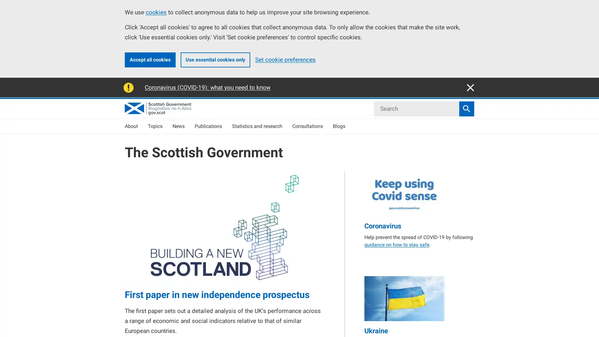 This screenshot has height=337, width=599. I want to click on Close this notification, so click(470, 87).